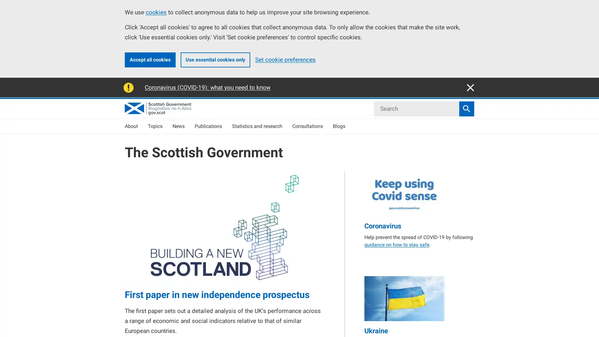 This screenshot has height=337, width=599. I want to click on Close this notification, so click(470, 87).